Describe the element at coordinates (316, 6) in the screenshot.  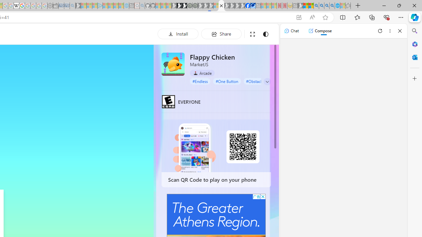
I see `'Bing AI - Search'` at that location.